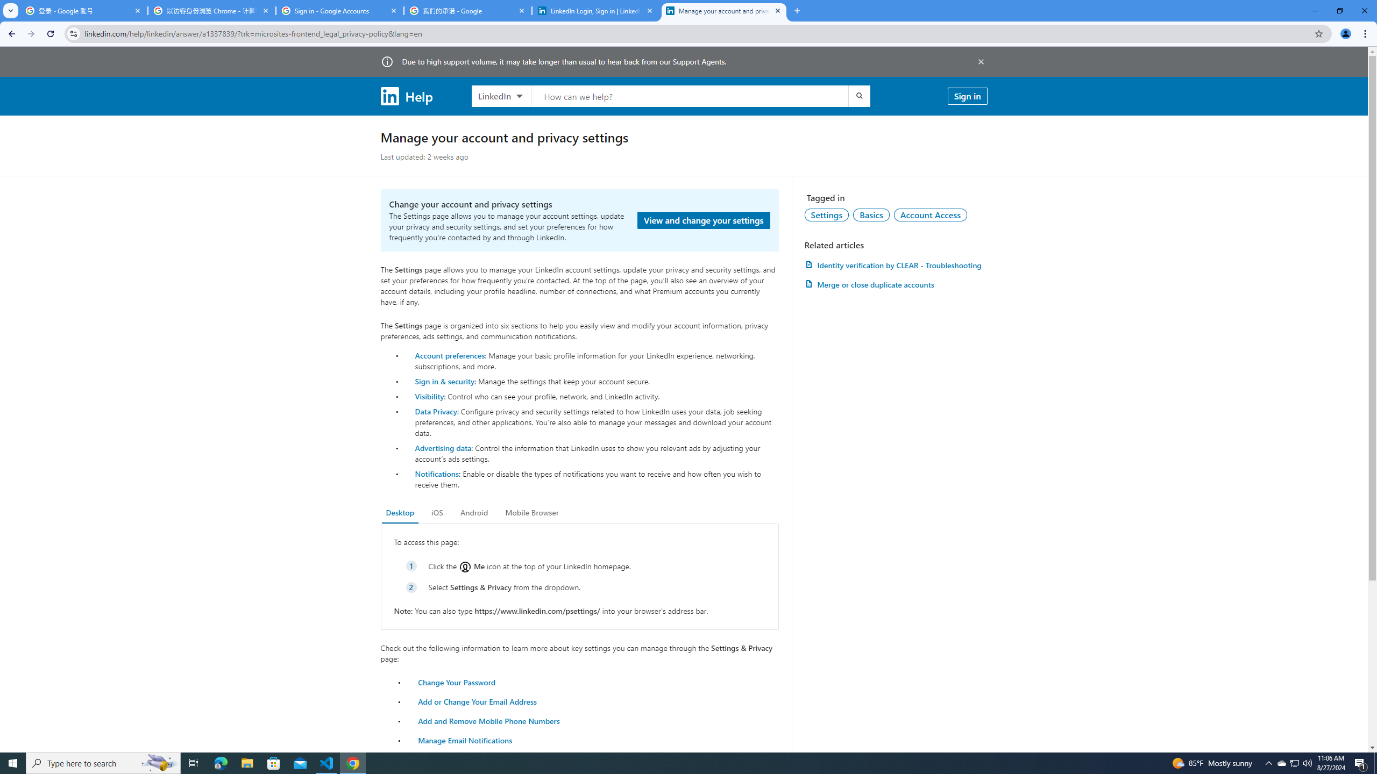 The width and height of the screenshot is (1377, 774). I want to click on 'Add and Remove Mobile Phone Numbers', so click(489, 720).